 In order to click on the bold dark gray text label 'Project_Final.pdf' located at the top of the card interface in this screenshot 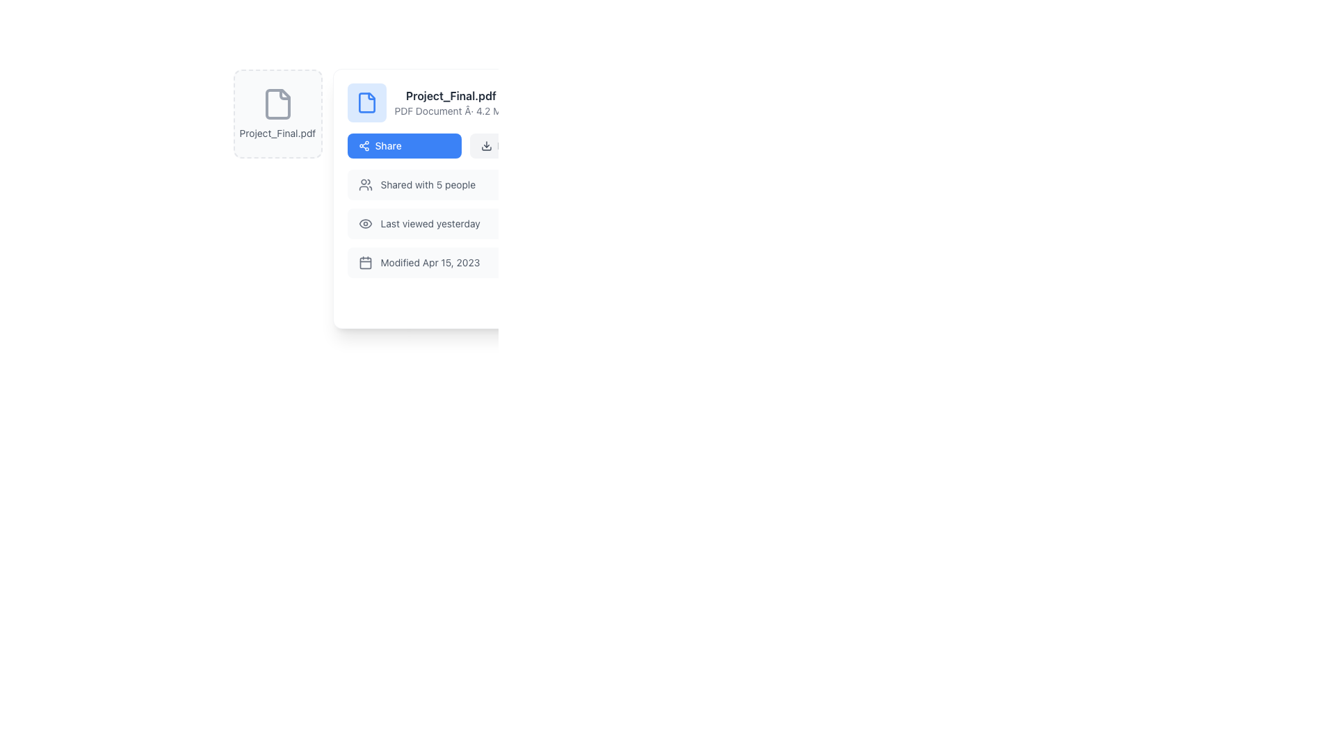, I will do `click(451, 95)`.